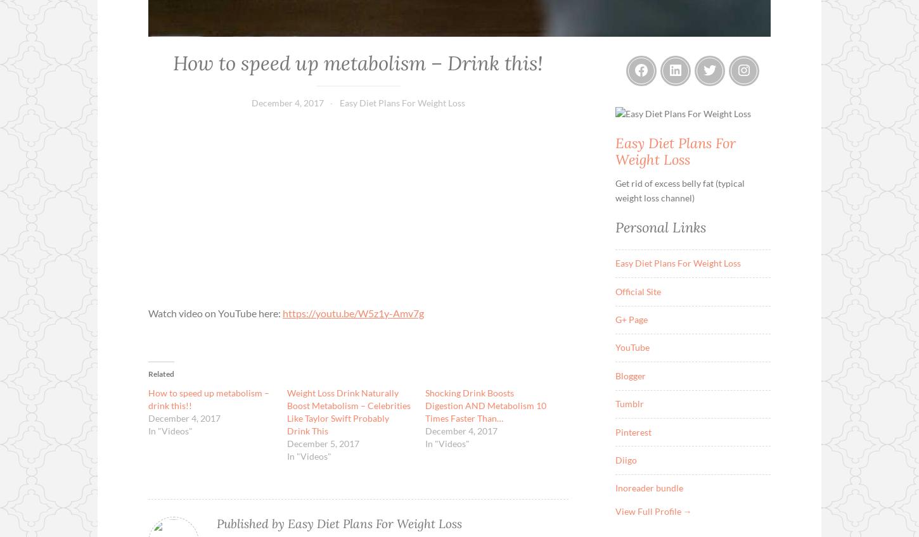  What do you see at coordinates (638, 290) in the screenshot?
I see `'Official Site'` at bounding box center [638, 290].